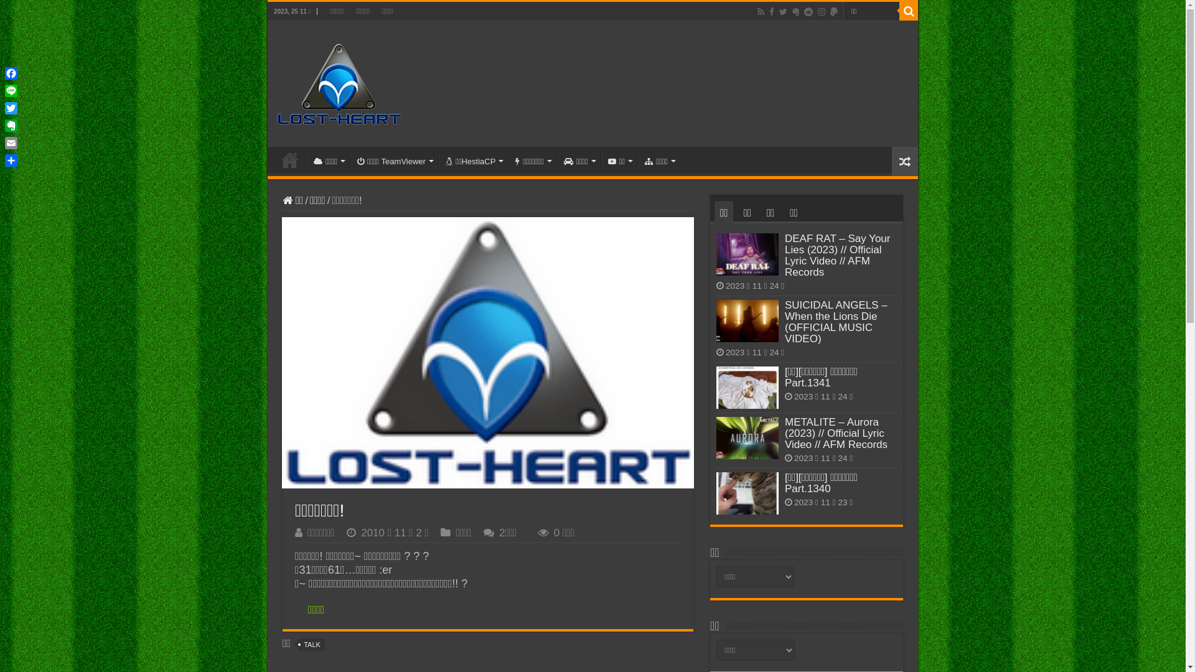  Describe the element at coordinates (808, 12) in the screenshot. I see `'Reddit'` at that location.